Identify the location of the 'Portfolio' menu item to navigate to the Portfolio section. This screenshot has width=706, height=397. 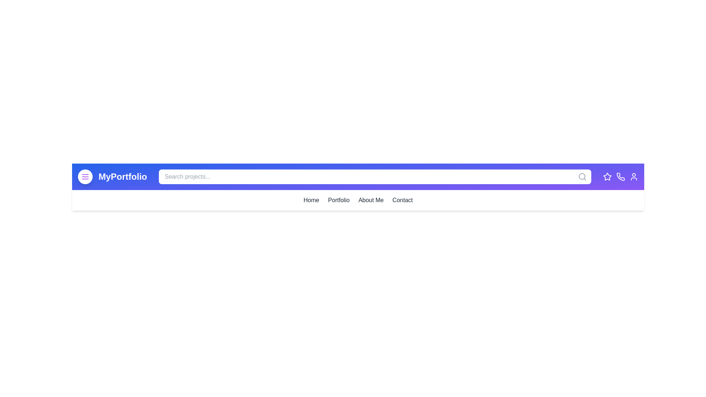
(338, 200).